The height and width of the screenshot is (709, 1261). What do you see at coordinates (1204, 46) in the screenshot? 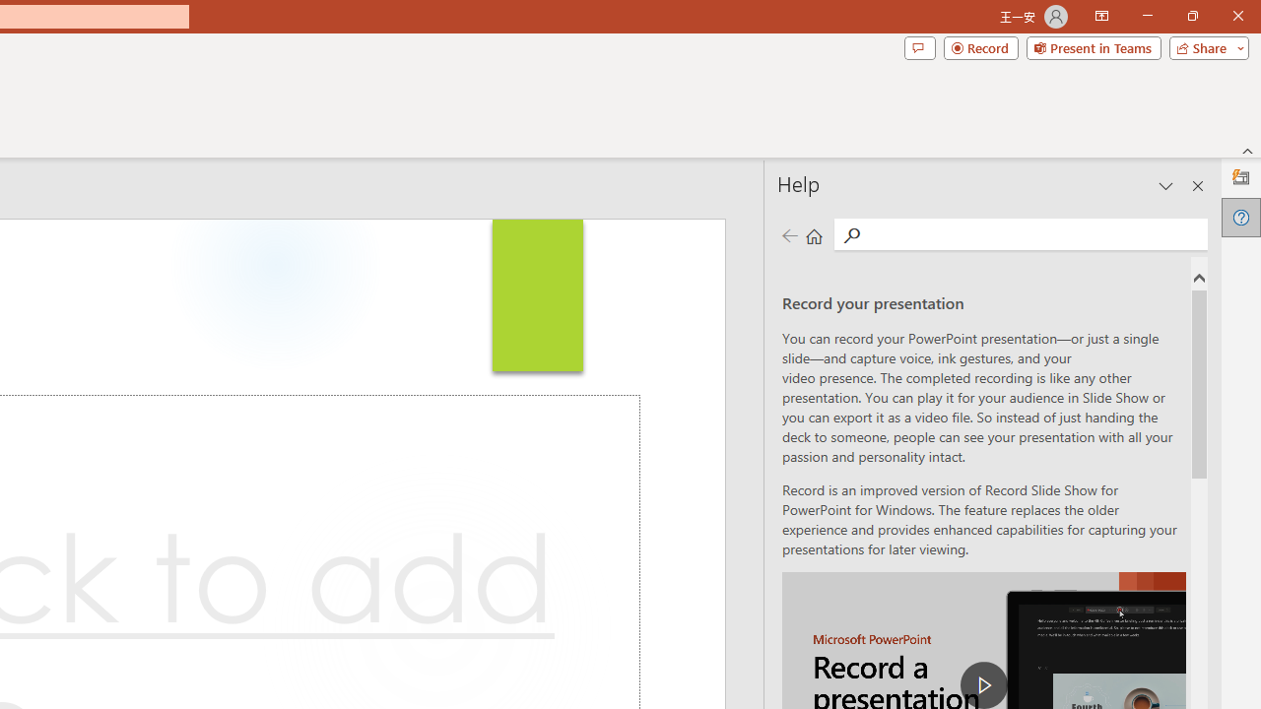
I see `'Share'` at bounding box center [1204, 46].